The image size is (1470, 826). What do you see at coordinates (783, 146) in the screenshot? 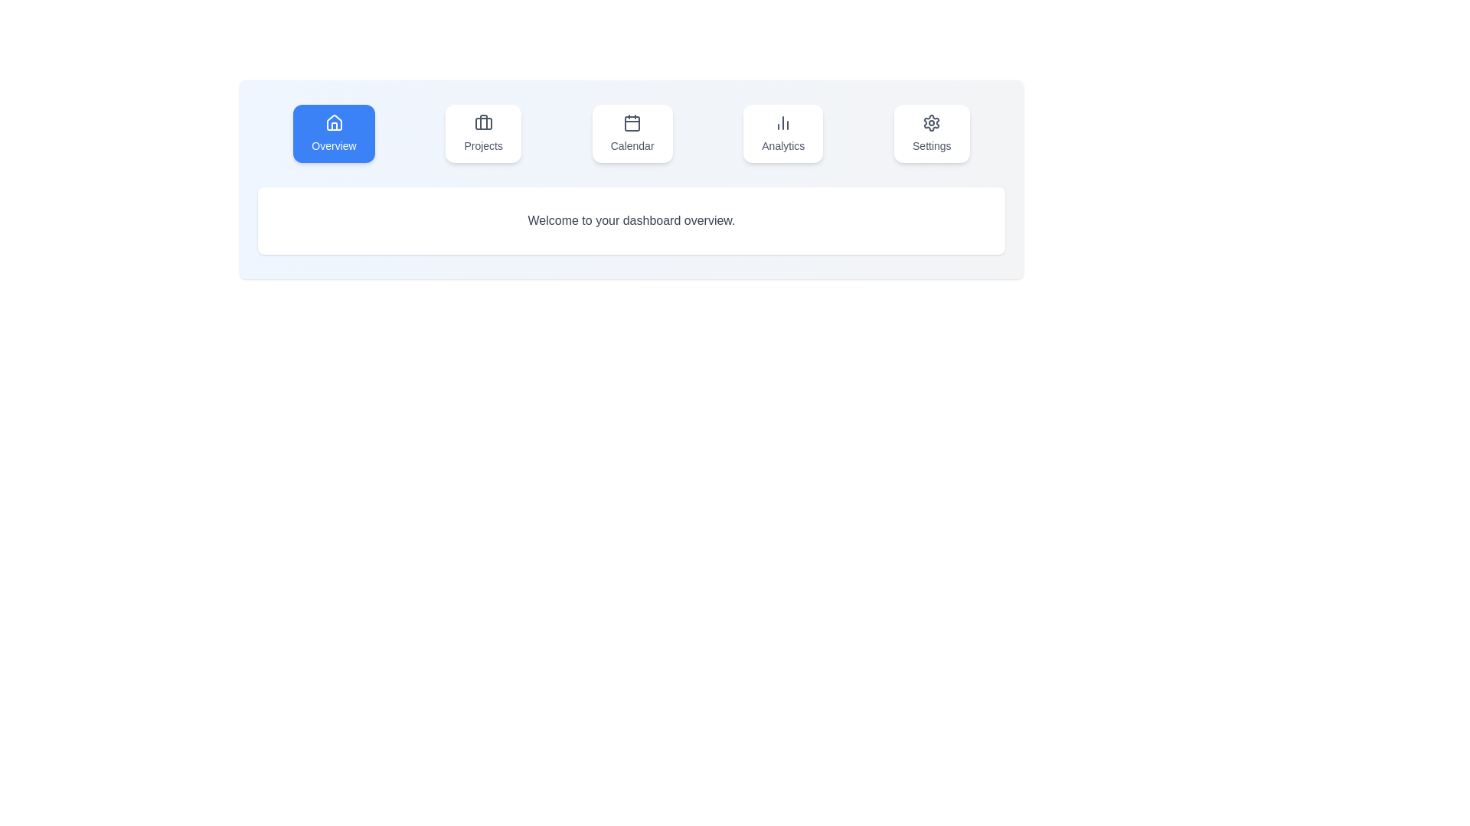
I see `the 'Analytics' static text label in the interactive menu item, which is styled with gray text and is the fourth item from the left in the menu bar` at bounding box center [783, 146].